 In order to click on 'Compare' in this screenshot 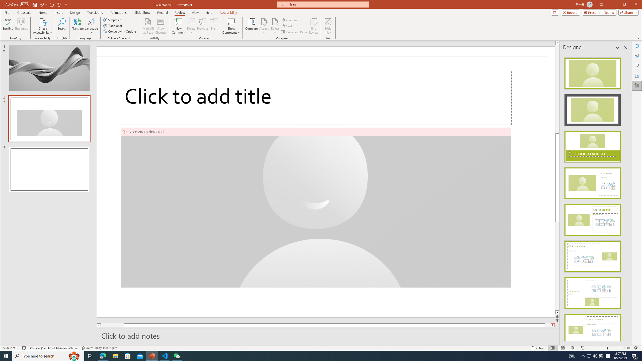, I will do `click(251, 26)`.